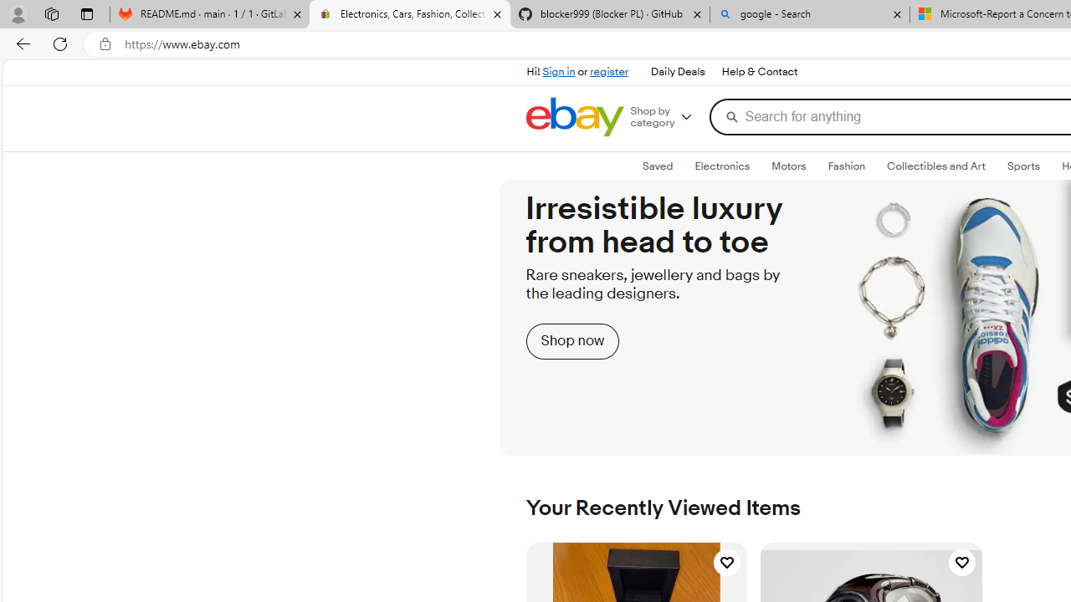  What do you see at coordinates (657, 166) in the screenshot?
I see `'Saved'` at bounding box center [657, 166].